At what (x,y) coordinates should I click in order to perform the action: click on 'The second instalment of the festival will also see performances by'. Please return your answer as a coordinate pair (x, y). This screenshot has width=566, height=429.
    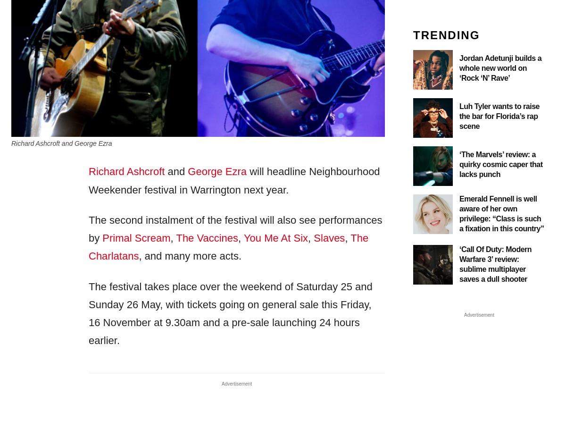
    Looking at the image, I should click on (234, 229).